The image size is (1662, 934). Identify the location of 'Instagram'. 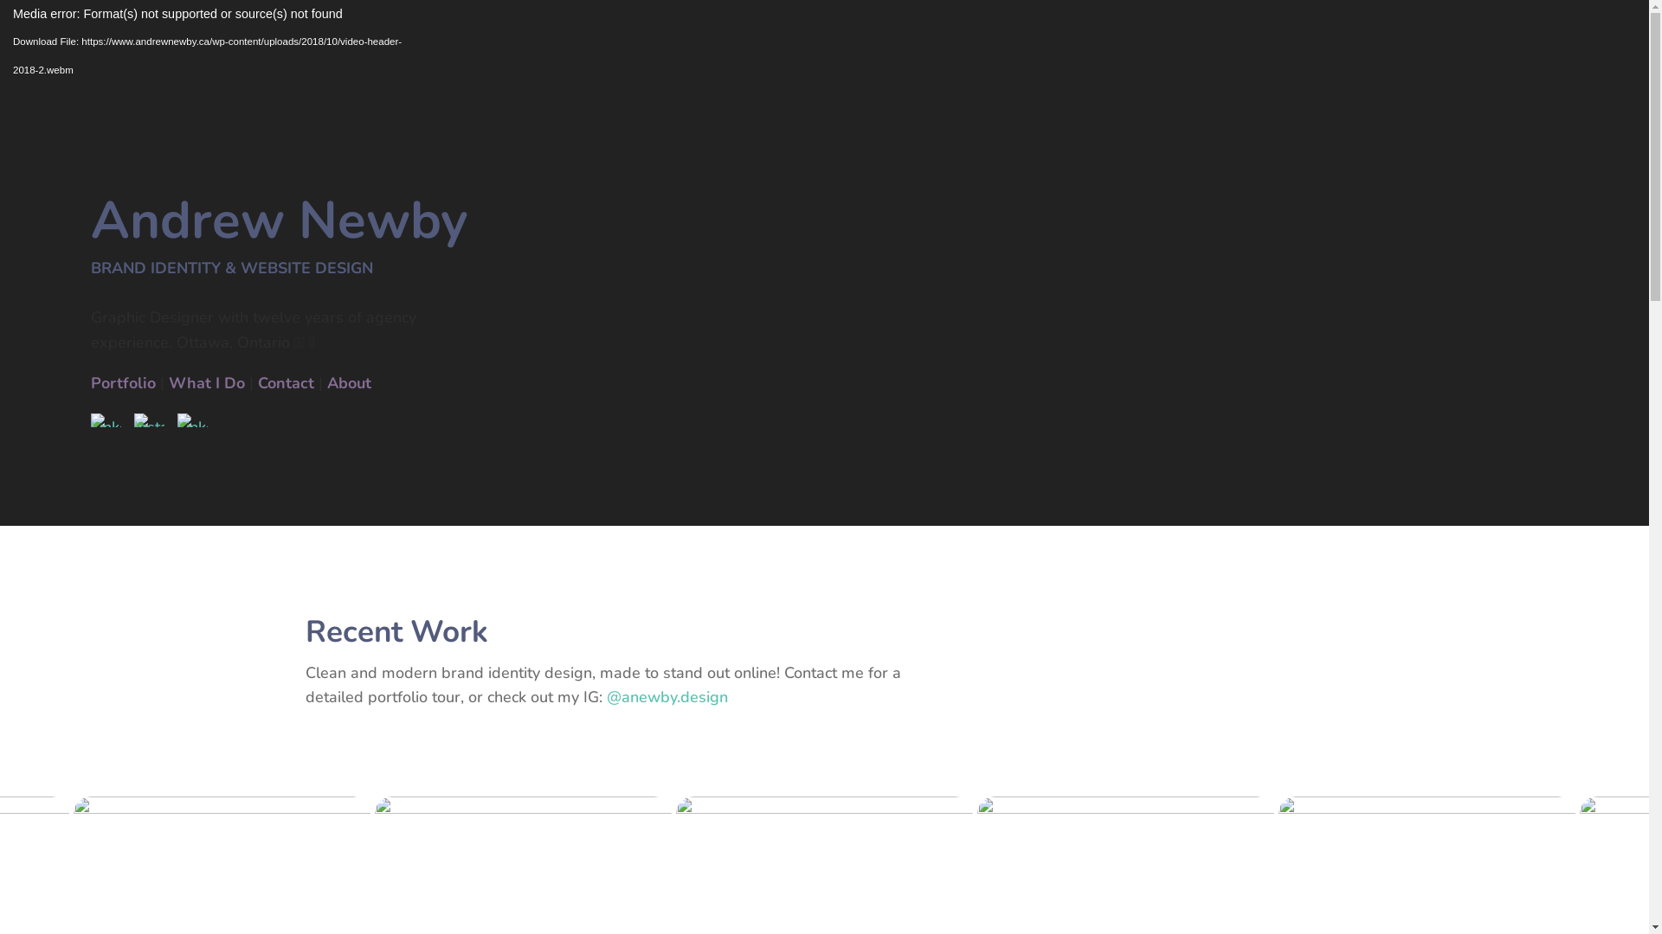
(132, 420).